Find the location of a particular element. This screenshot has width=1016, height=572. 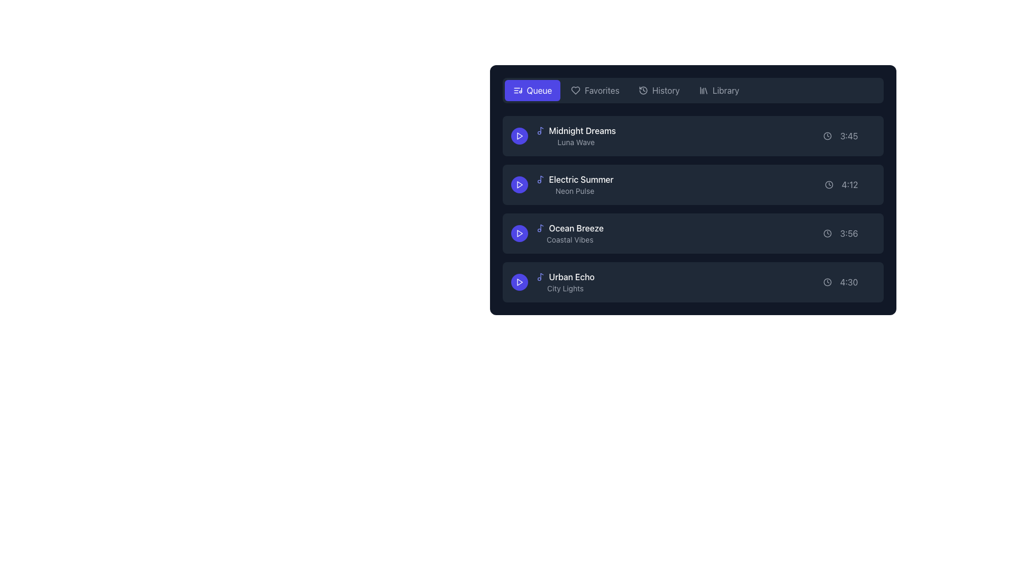

the text label reading 'History' in the light gray color located in the navigation bar of the dark-themed interface is located at coordinates (665, 90).